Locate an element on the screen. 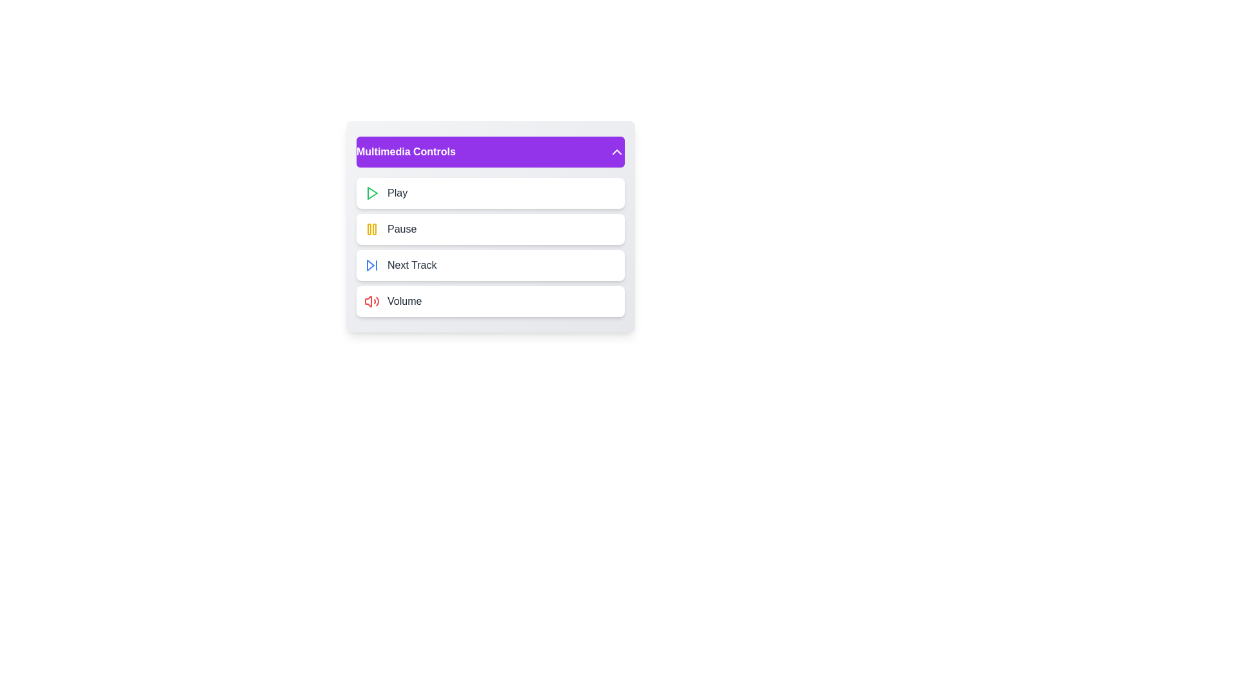 This screenshot has height=696, width=1238. the blue outlined arrow-shaped icon located at the center of the 'Next Track' button in the multimedia control panel is located at coordinates (370, 265).